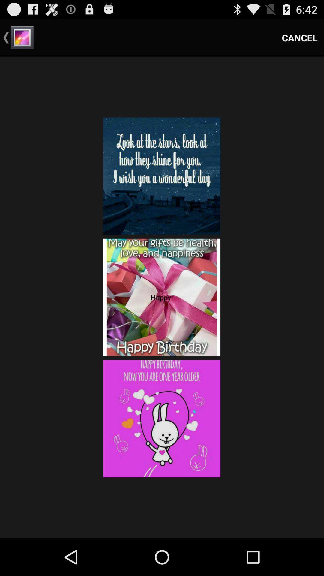 Image resolution: width=324 pixels, height=576 pixels. What do you see at coordinates (300, 37) in the screenshot?
I see `the icon at the top right corner` at bounding box center [300, 37].